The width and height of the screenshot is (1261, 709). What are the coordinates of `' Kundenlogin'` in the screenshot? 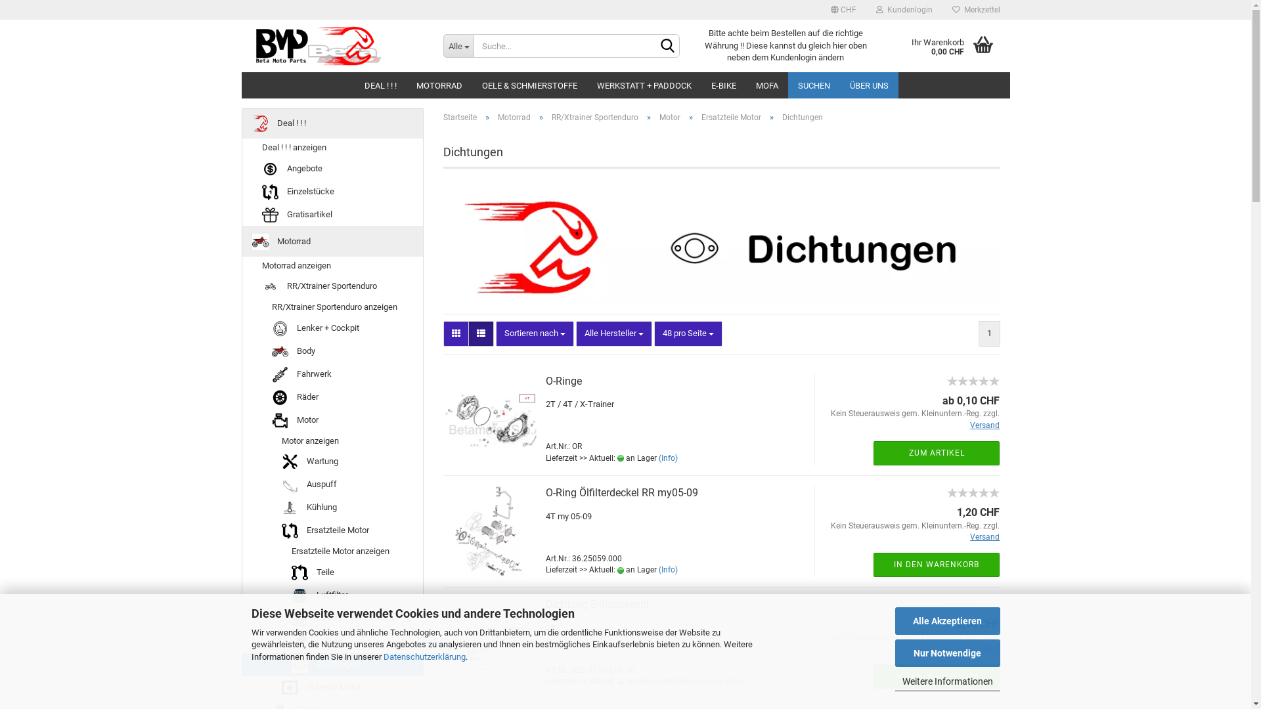 It's located at (903, 10).